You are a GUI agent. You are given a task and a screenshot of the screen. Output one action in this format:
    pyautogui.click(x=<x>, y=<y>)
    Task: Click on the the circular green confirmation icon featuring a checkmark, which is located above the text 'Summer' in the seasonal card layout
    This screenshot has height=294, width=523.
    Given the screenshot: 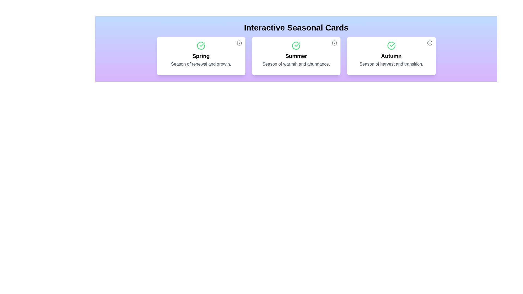 What is the action you would take?
    pyautogui.click(x=296, y=45)
    